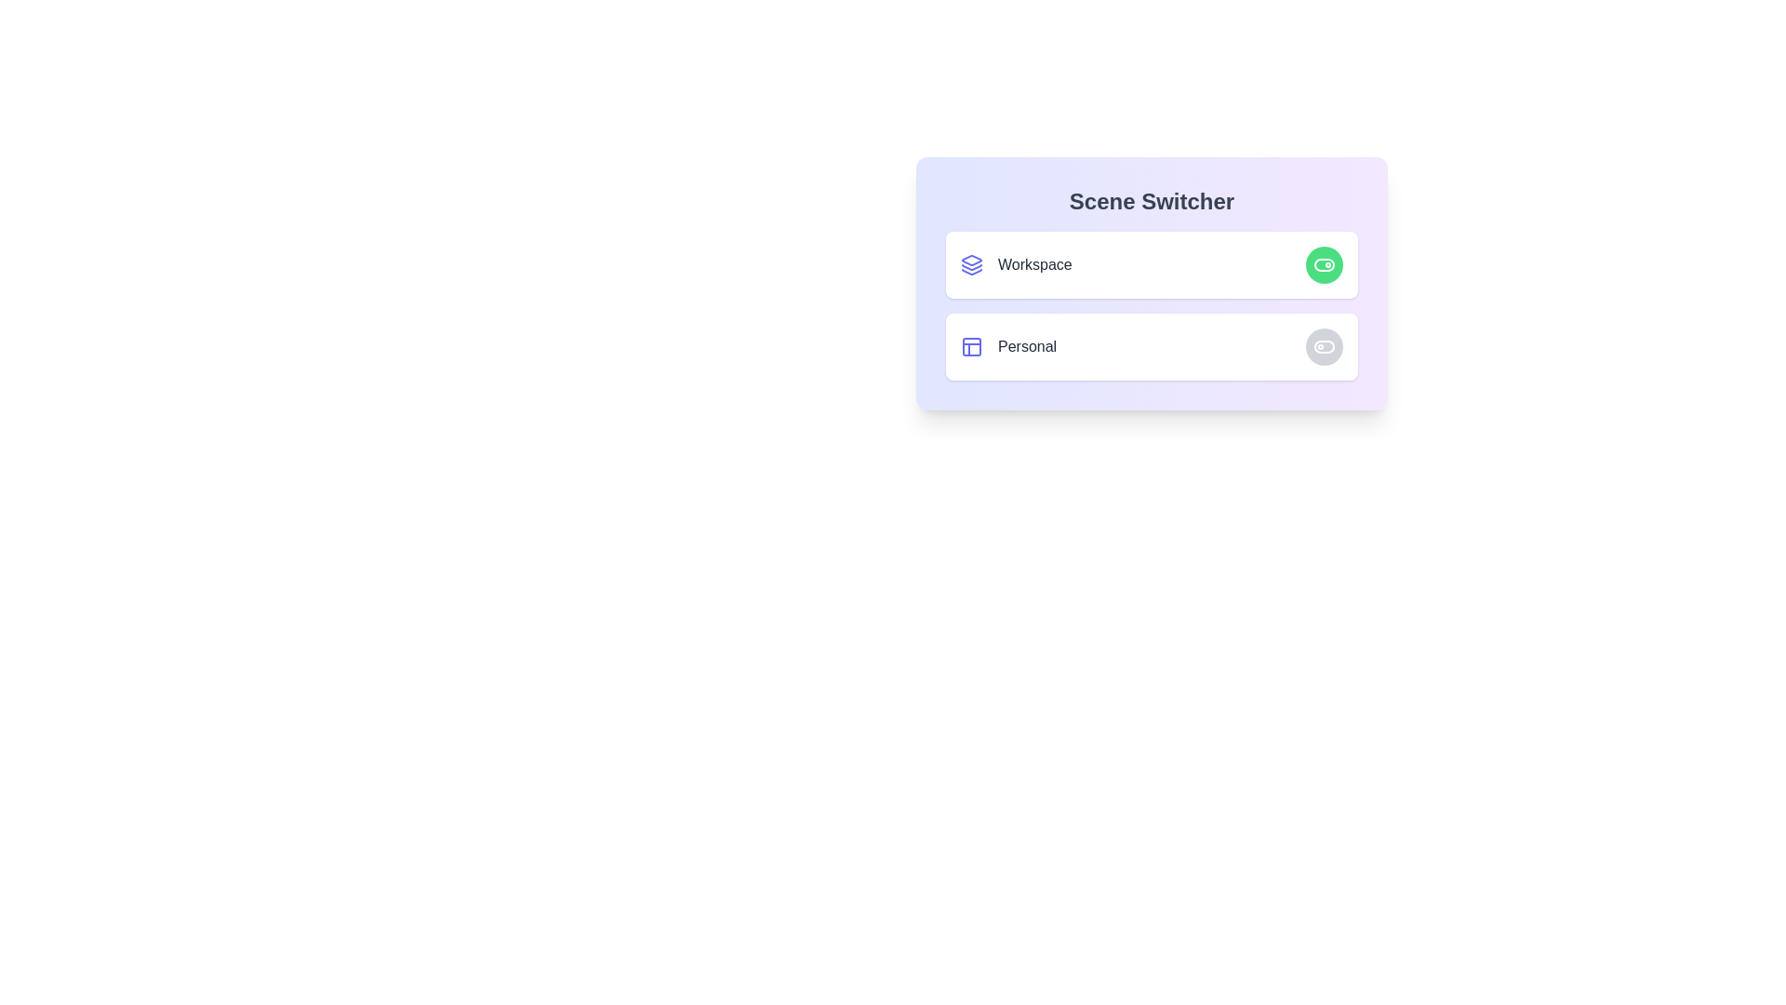 The height and width of the screenshot is (1005, 1786). Describe the element at coordinates (1324, 347) in the screenshot. I see `the light gray rectangular toggle background element that serves as the base of the toggle switch in the 'Personal' row of the 'Scene Switcher' interface` at that location.